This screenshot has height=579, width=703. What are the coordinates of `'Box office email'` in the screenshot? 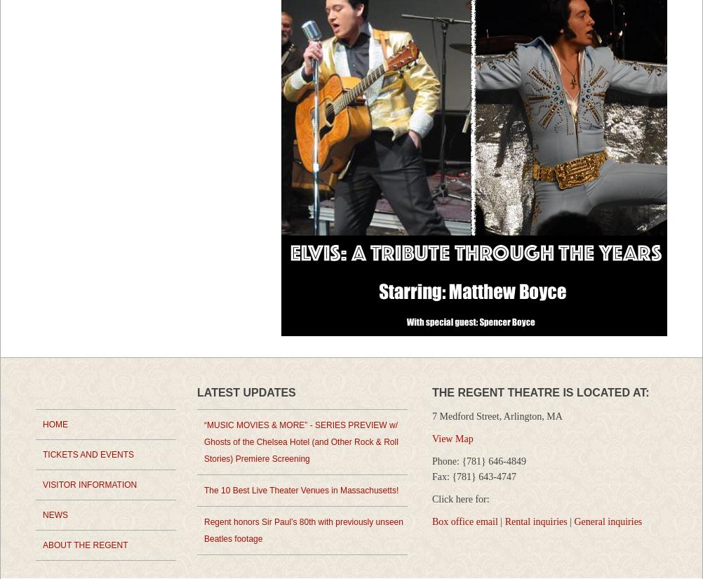 It's located at (464, 521).